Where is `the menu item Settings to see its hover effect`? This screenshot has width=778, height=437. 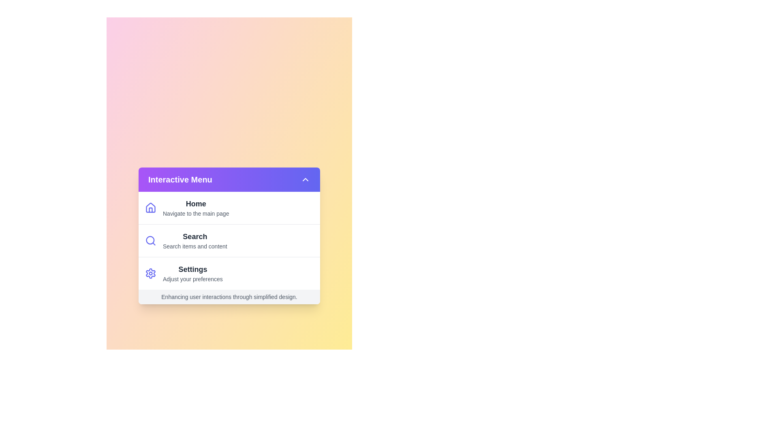 the menu item Settings to see its hover effect is located at coordinates (229, 273).